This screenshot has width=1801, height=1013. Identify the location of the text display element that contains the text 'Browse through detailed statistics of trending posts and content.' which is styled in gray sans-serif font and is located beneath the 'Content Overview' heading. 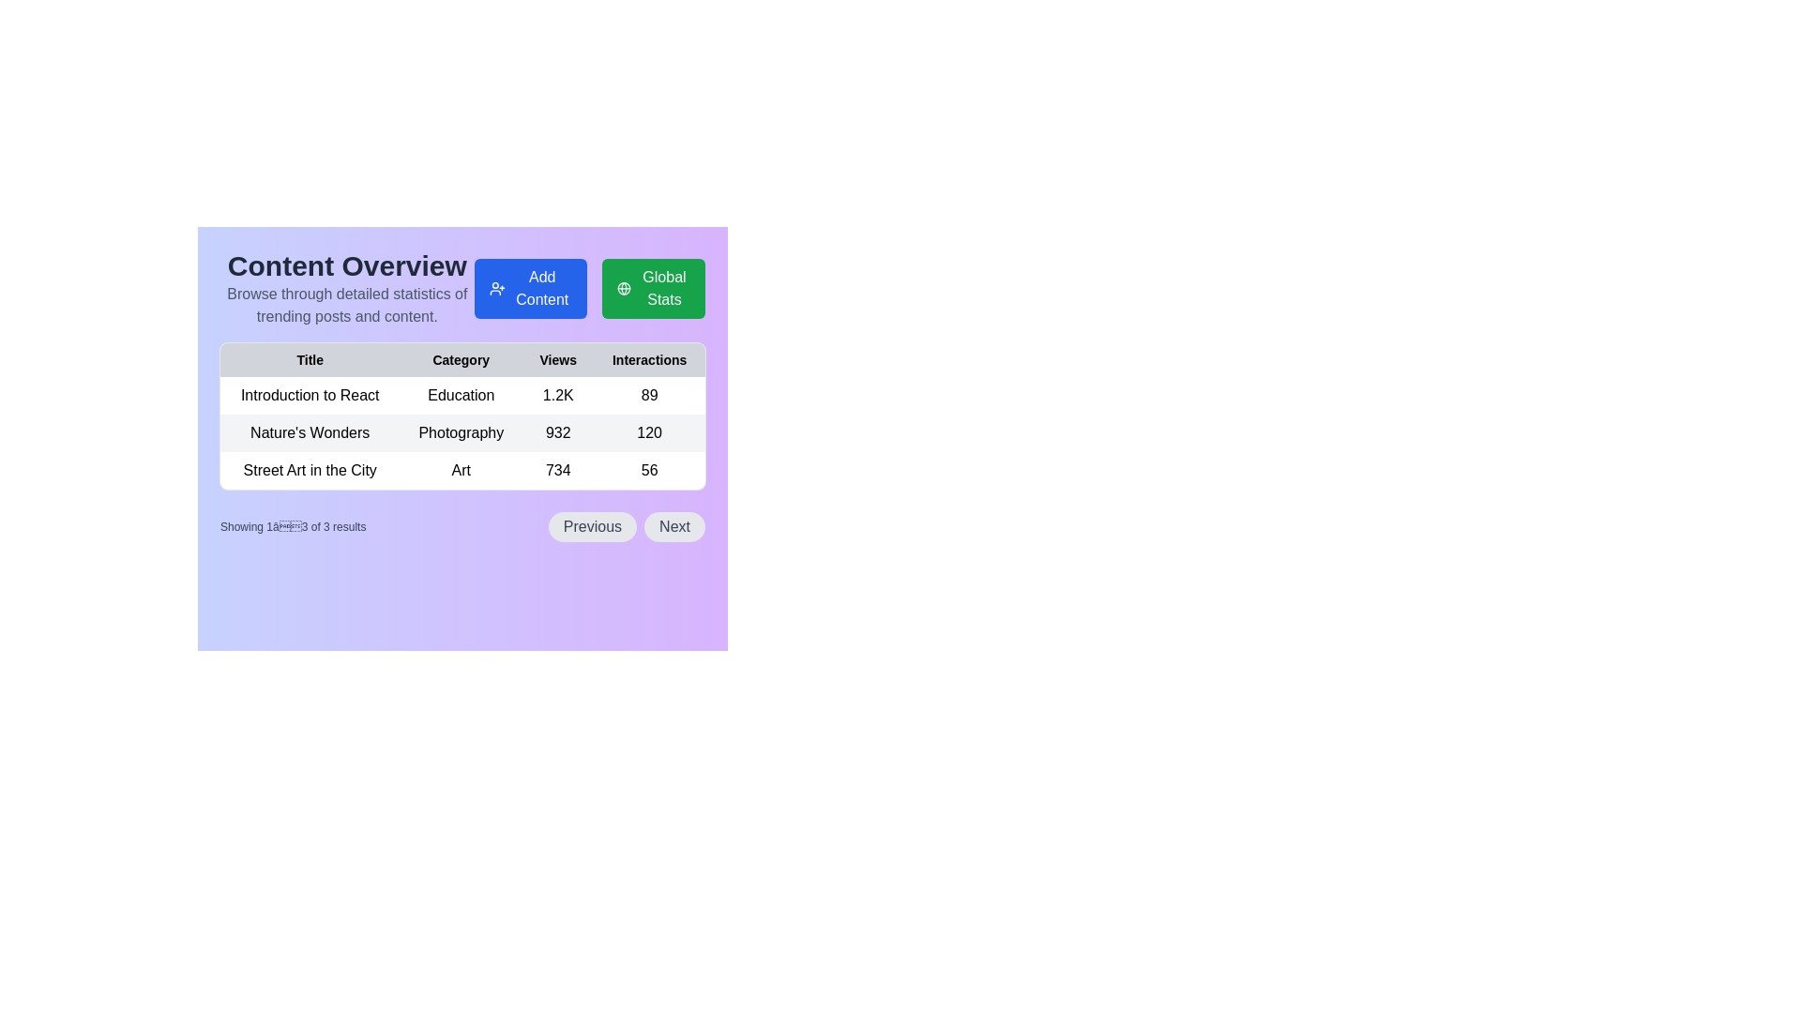
(347, 305).